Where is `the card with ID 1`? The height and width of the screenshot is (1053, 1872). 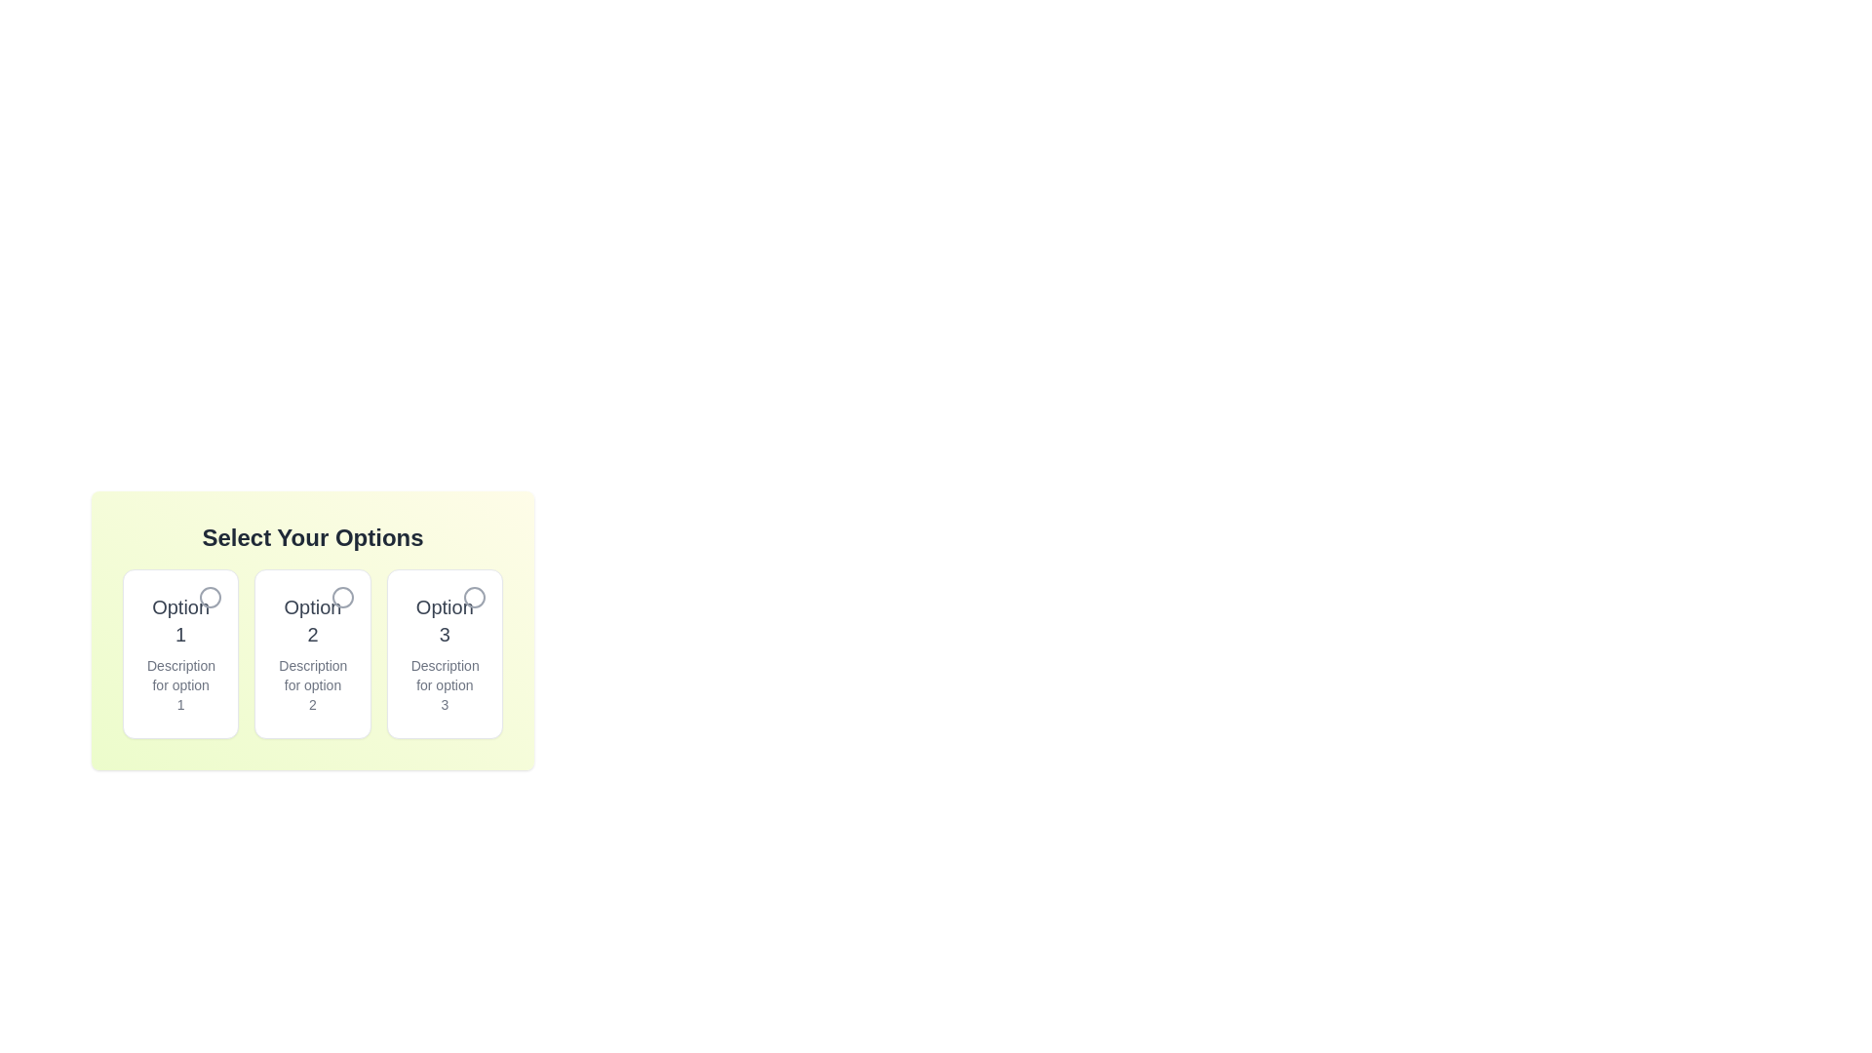 the card with ID 1 is located at coordinates (180, 654).